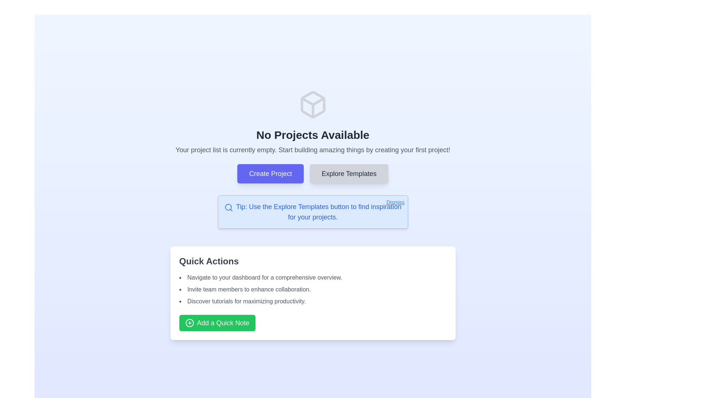 This screenshot has height=401, width=713. What do you see at coordinates (189, 323) in the screenshot?
I see `the icon representing the action of adding a new item or note, located inside the green button labeled 'Add a Quick Note'` at bounding box center [189, 323].